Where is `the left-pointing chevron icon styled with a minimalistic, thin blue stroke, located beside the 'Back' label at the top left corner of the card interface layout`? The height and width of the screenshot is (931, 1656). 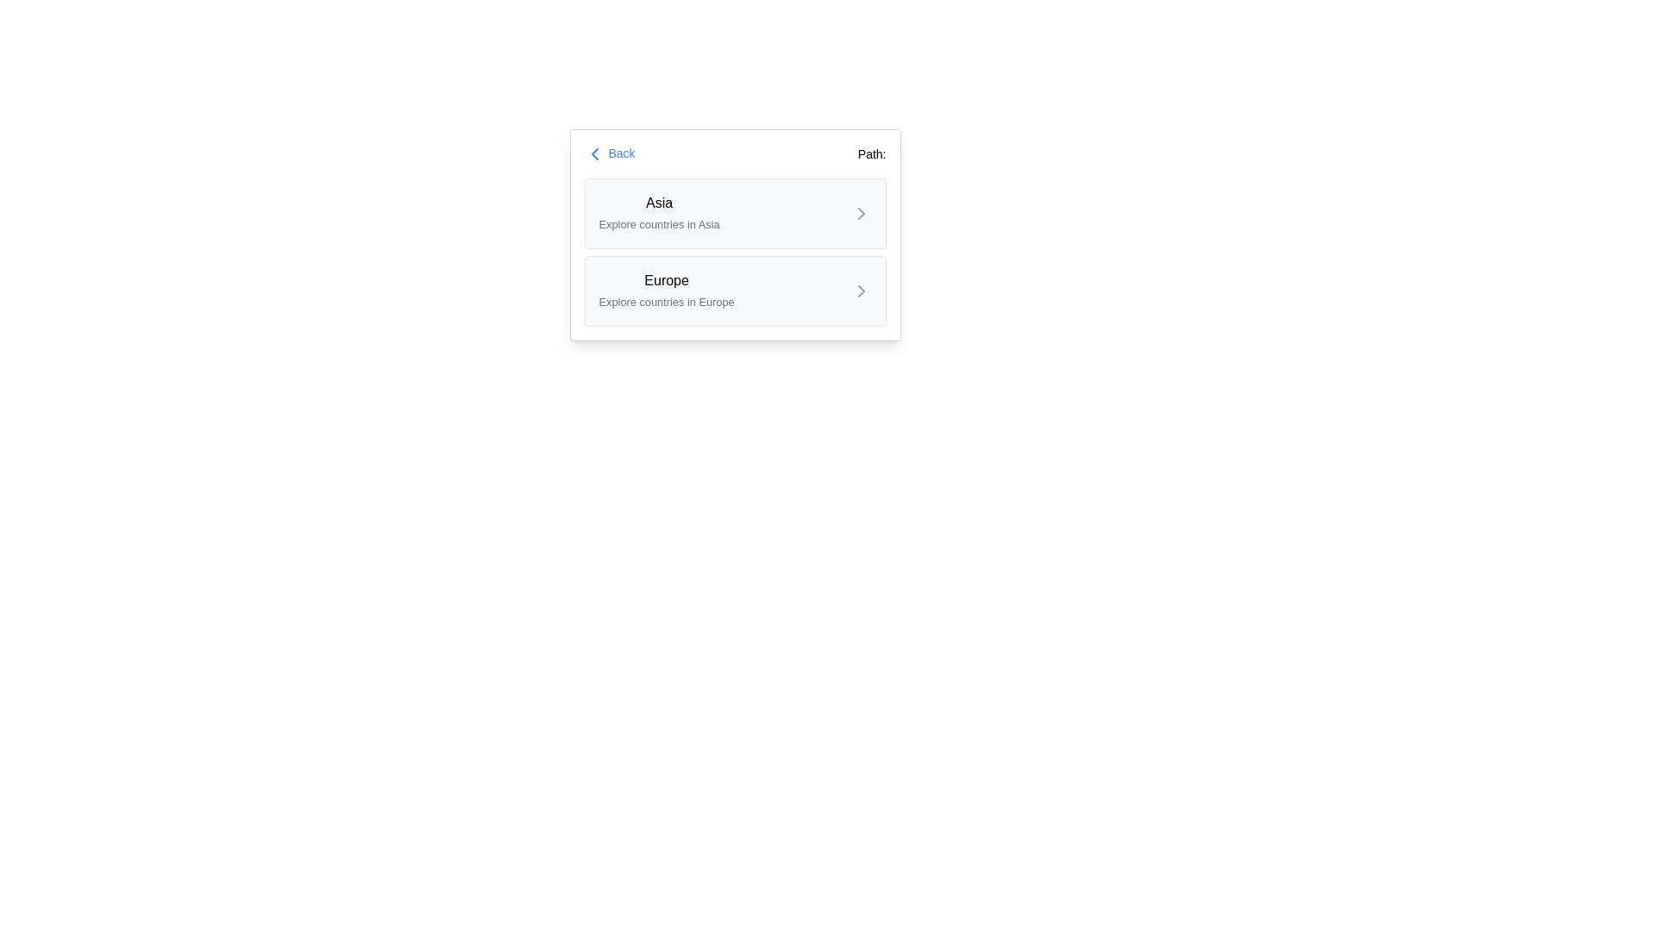 the left-pointing chevron icon styled with a minimalistic, thin blue stroke, located beside the 'Back' label at the top left corner of the card interface layout is located at coordinates (594, 153).